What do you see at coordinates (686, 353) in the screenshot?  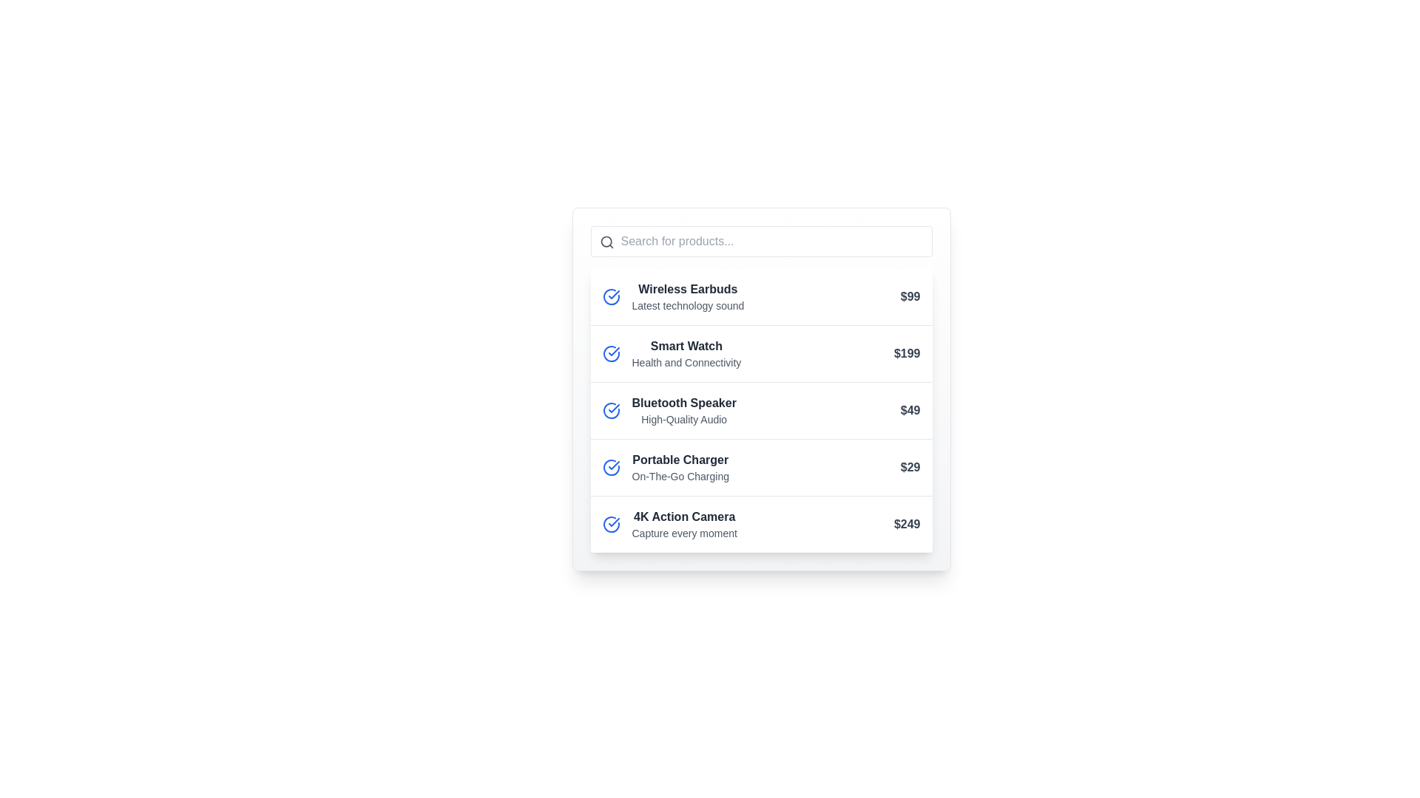 I see `the text display component that shows the title and description of the 'Smart Watch', which is the second entry in the product list, positioned between 'Wireless Earbuds' and 'Bluetooth Speaker'` at bounding box center [686, 353].